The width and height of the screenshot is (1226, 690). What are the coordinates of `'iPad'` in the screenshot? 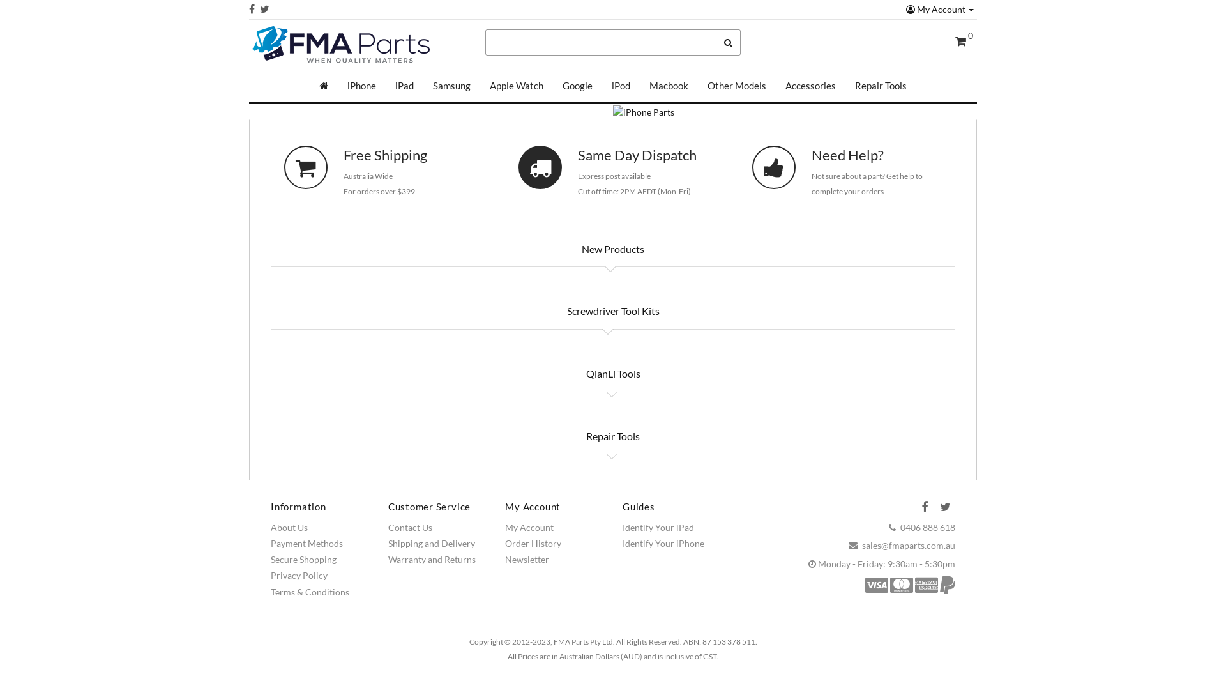 It's located at (404, 86).